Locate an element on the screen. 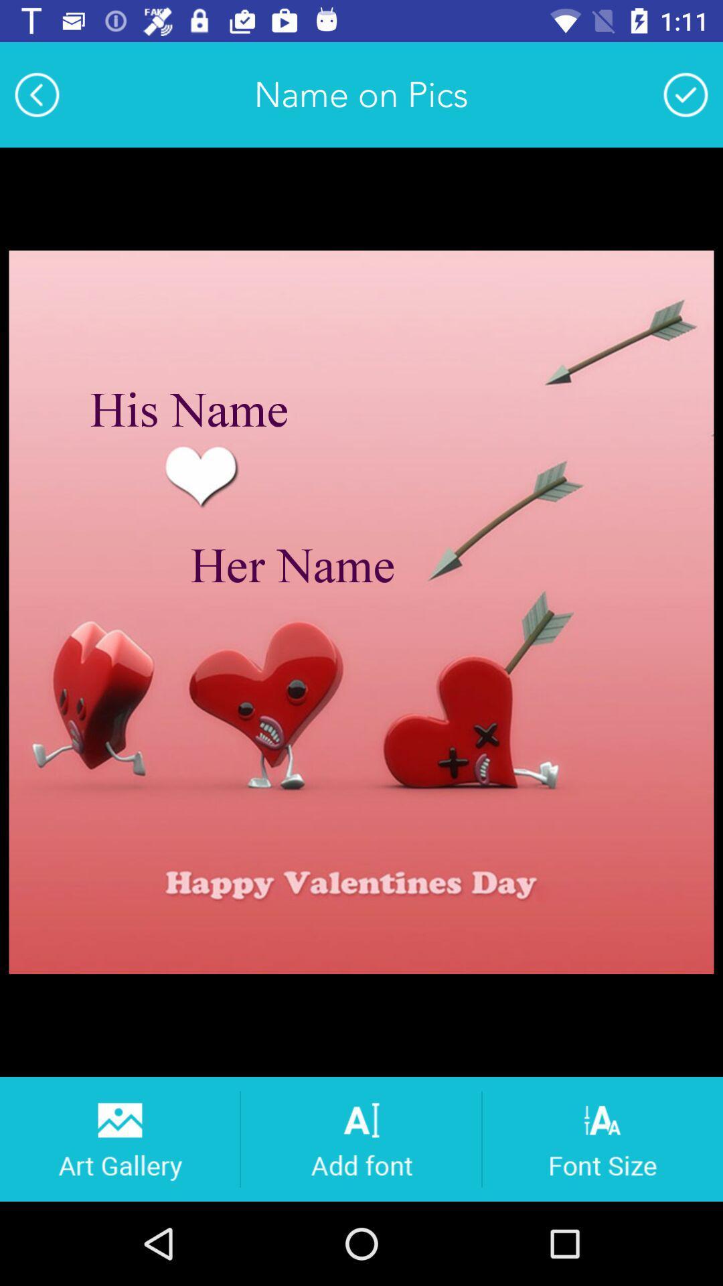  the icon next to name on pics icon is located at coordinates (686, 94).